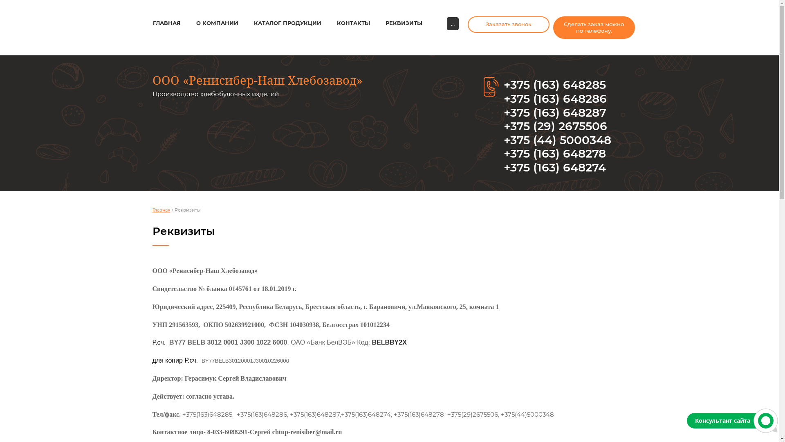 Image resolution: width=785 pixels, height=442 pixels. Describe the element at coordinates (555, 126) in the screenshot. I see `'+375 (29) 2675506'` at that location.